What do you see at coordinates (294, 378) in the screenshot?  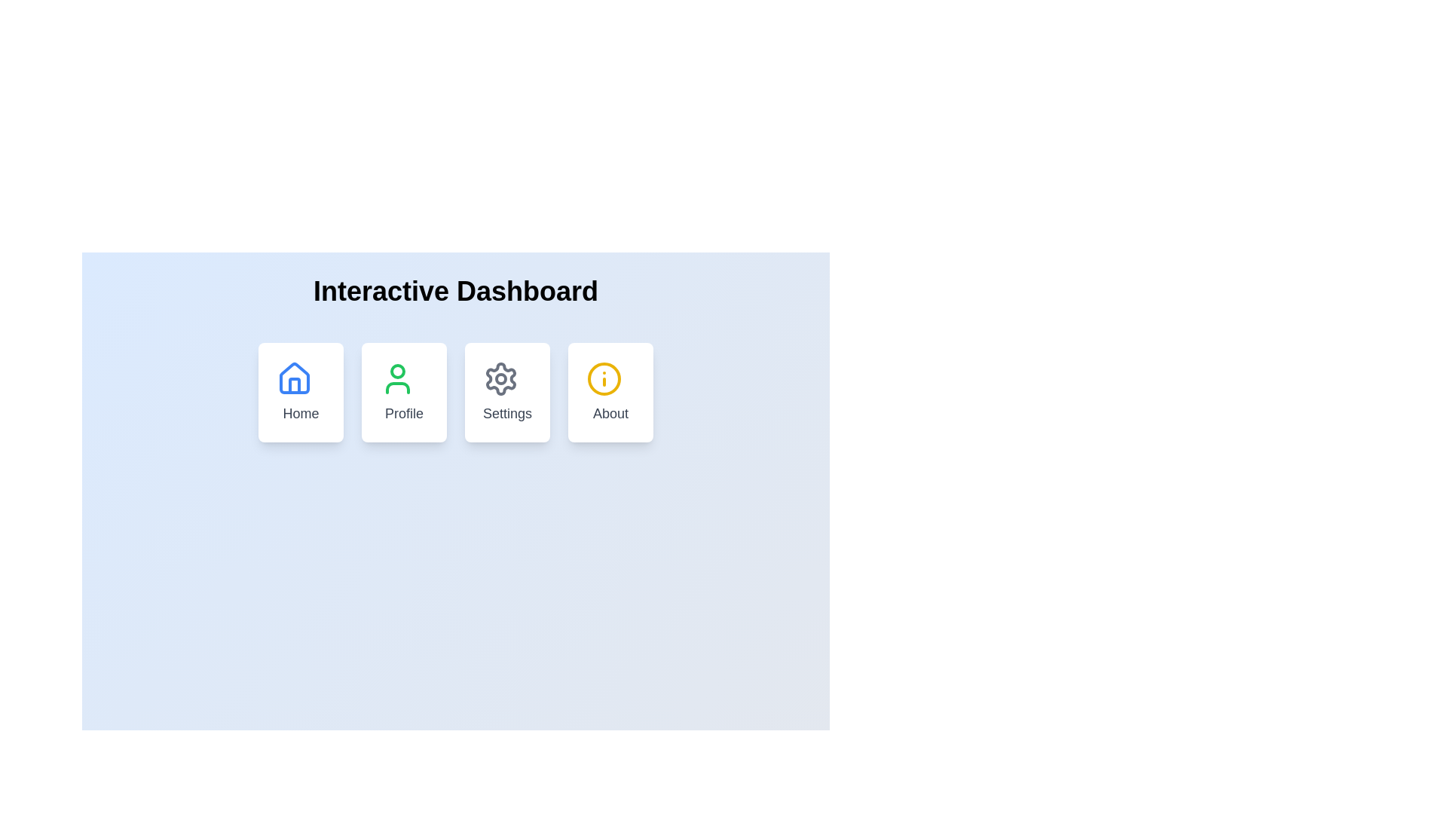 I see `the 'Home' navigation icon located at the top of the card labeled 'Home' within the 'Interactive Dashboard.'` at bounding box center [294, 378].